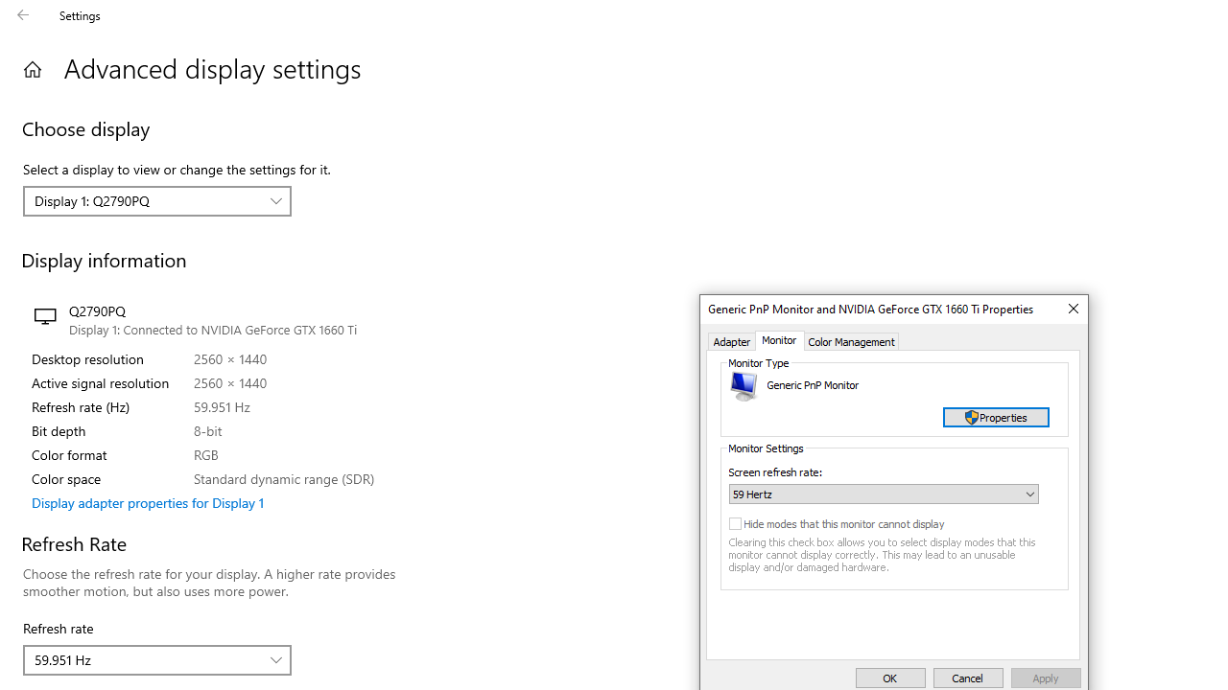 The image size is (1228, 690). What do you see at coordinates (889, 677) in the screenshot?
I see `'OK'` at bounding box center [889, 677].